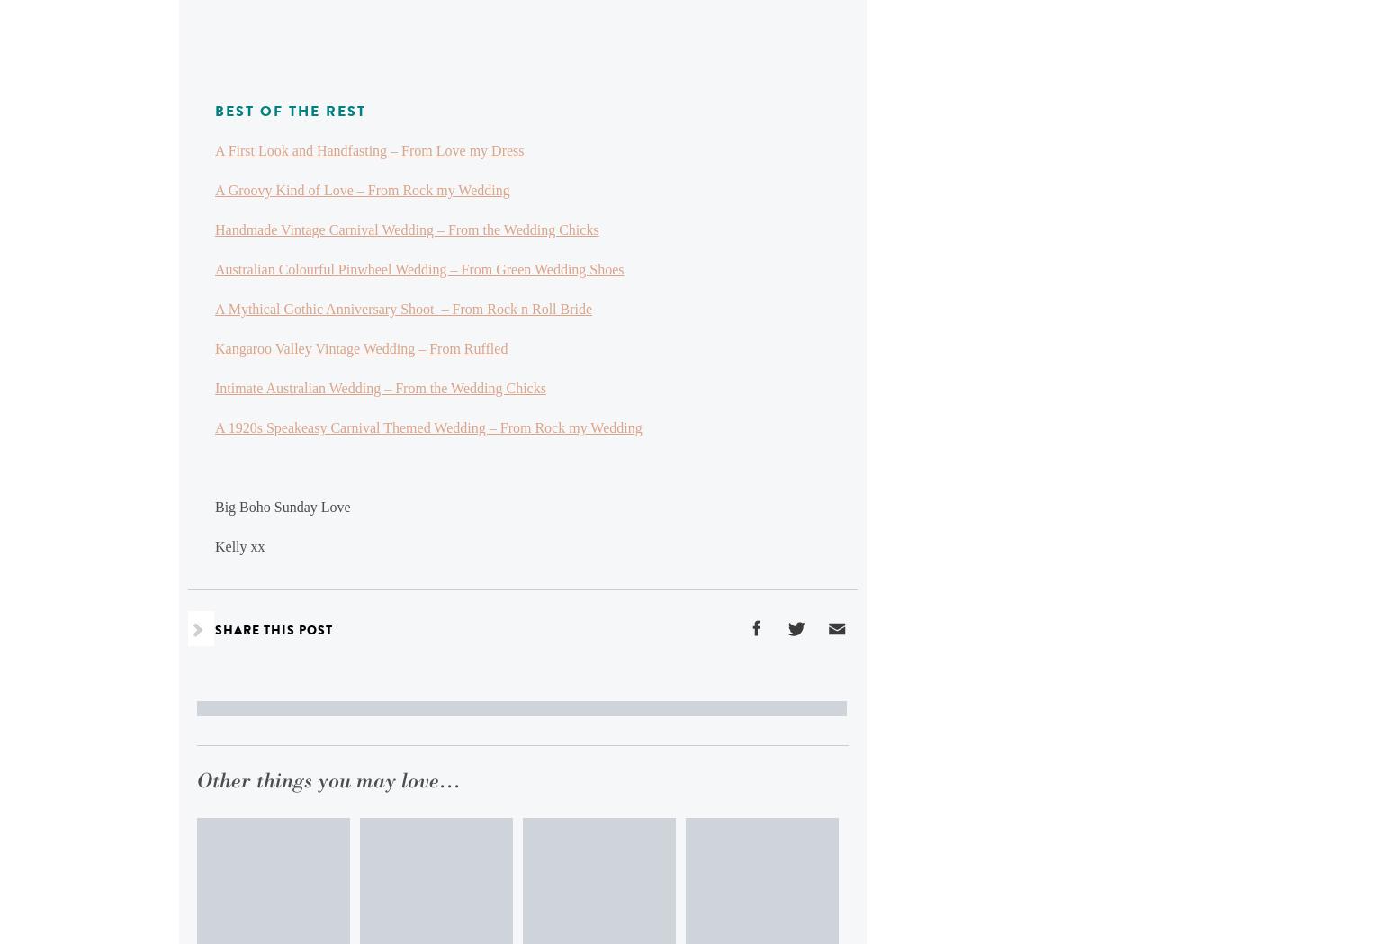  Describe the element at coordinates (369, 149) in the screenshot. I see `'A First Look and Handfasting – From Love my Dress'` at that location.